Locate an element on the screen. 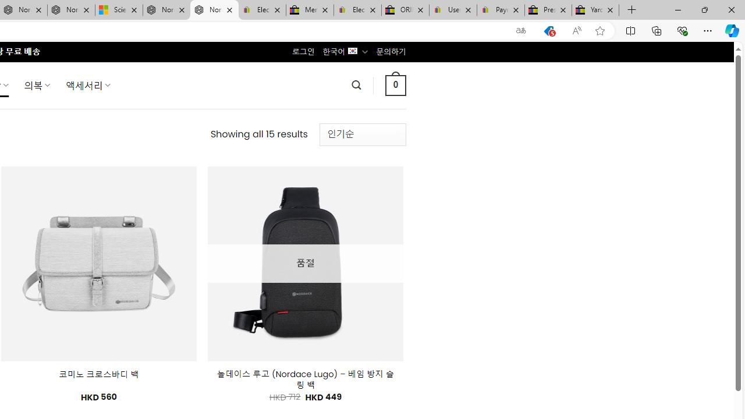 The image size is (745, 419). 'Payments Terms of Use | eBay.com' is located at coordinates (501, 10).